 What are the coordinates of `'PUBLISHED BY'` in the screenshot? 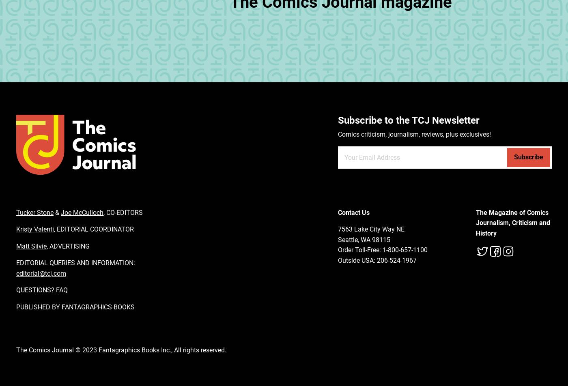 It's located at (39, 307).